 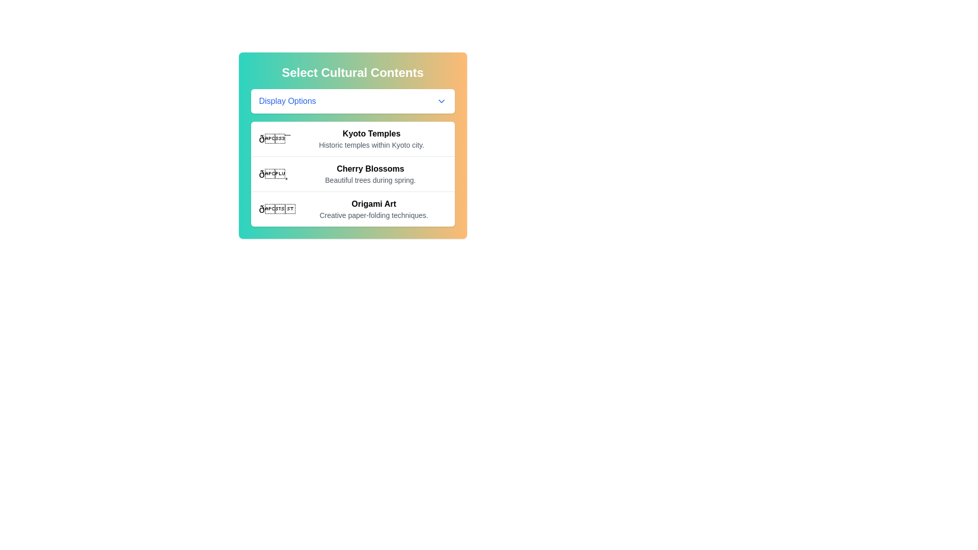 I want to click on text label that displays 'Historic temples within Kyoto city.' located below the title 'Kyoto Temples.', so click(x=371, y=145).